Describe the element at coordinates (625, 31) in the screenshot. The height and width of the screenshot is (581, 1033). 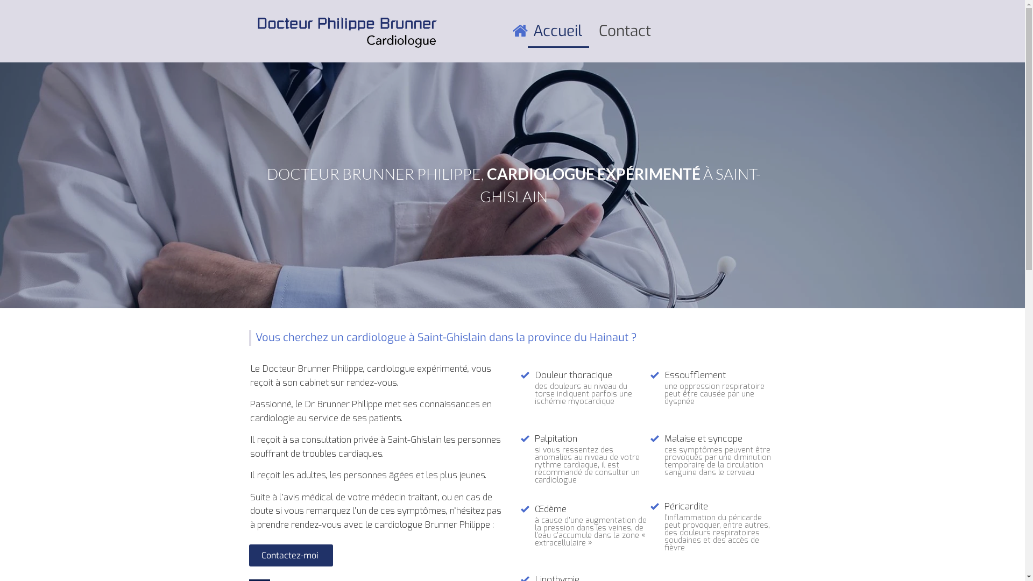
I see `'Contact'` at that location.